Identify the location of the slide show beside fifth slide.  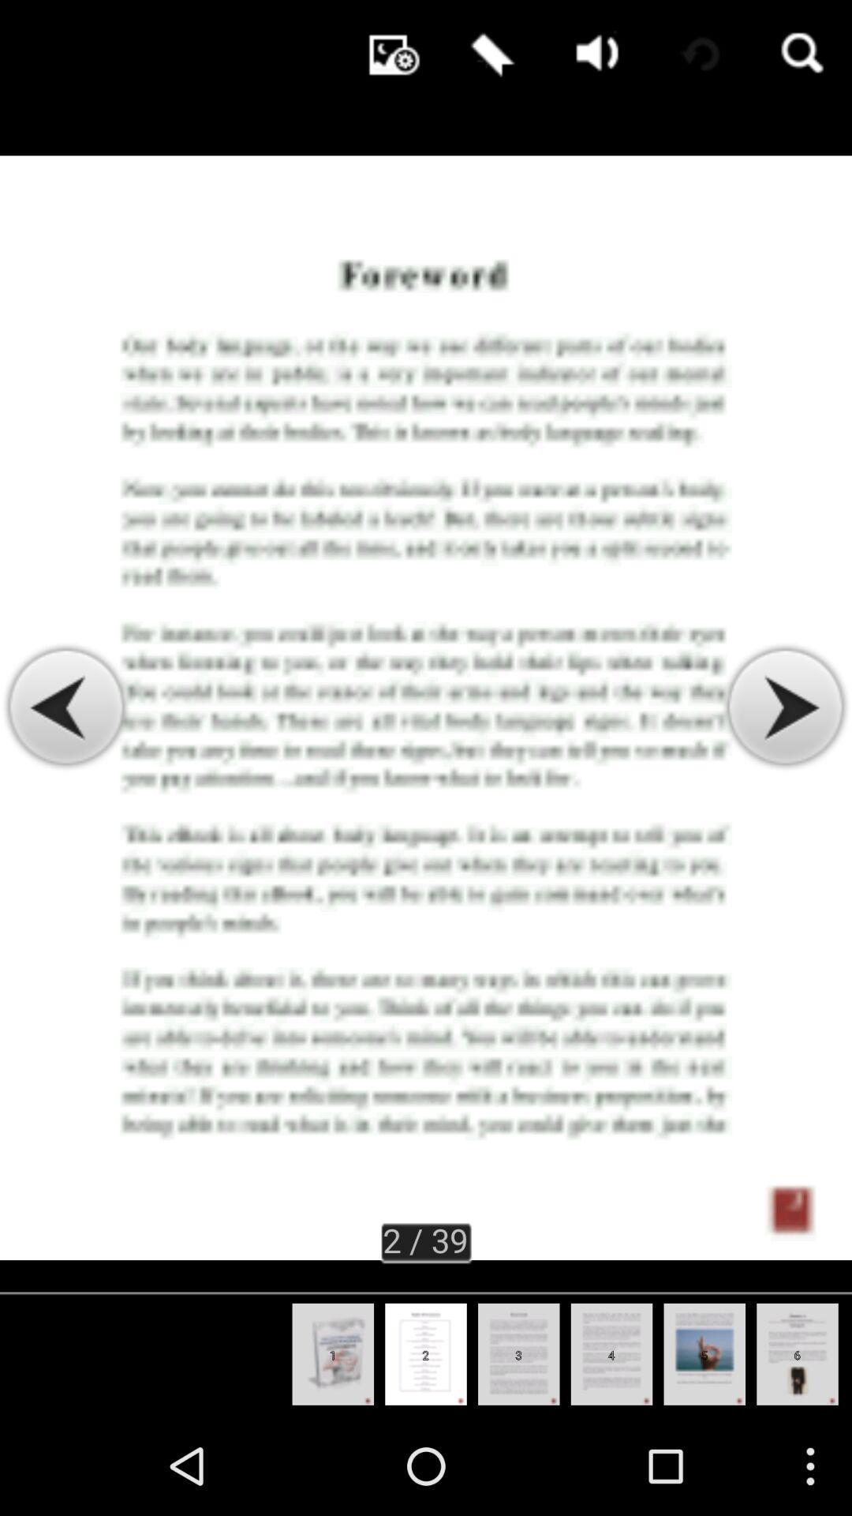
(798, 1353).